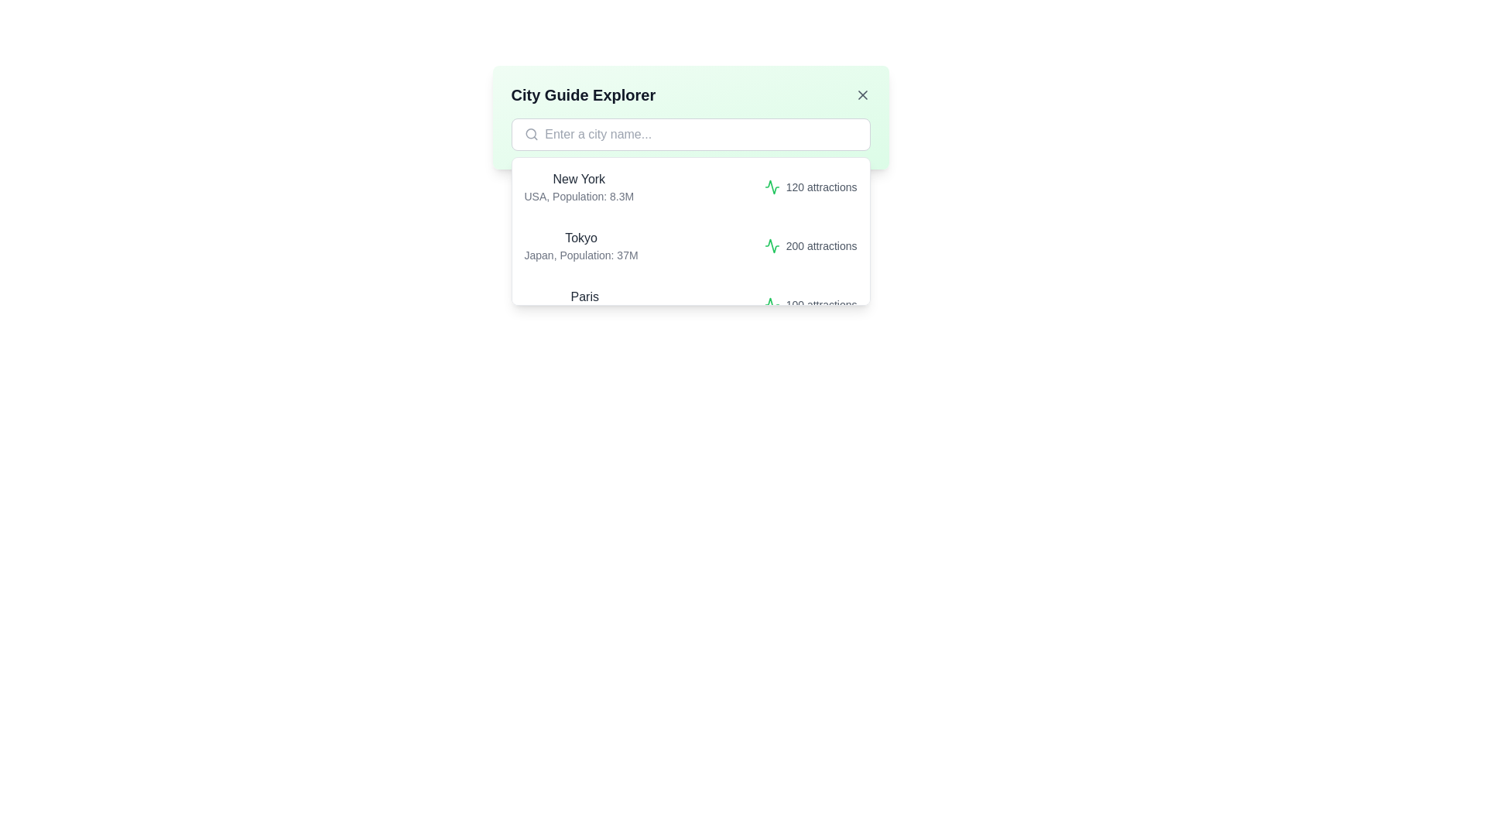  What do you see at coordinates (580, 245) in the screenshot?
I see `descriptive information displayed about the city of Tokyo, which is the first textual entry in the second row of the 'City Guide Explorer' modal` at bounding box center [580, 245].